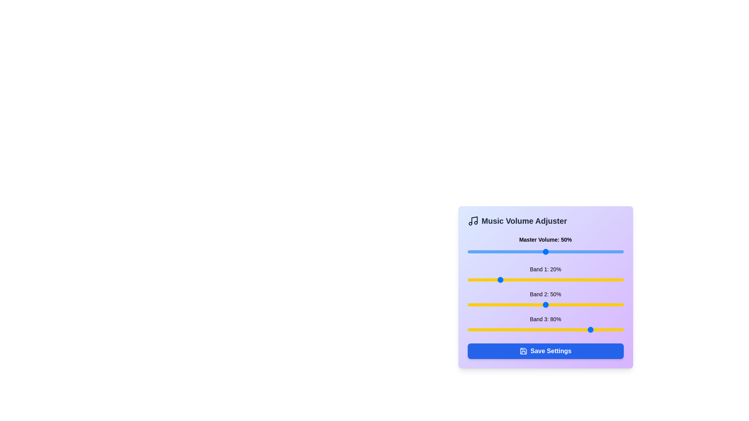  What do you see at coordinates (524, 351) in the screenshot?
I see `the save icon, which is a small outlined floppy disk, located to the left of the 'Save Settings' text at the bottom center of the panel` at bounding box center [524, 351].